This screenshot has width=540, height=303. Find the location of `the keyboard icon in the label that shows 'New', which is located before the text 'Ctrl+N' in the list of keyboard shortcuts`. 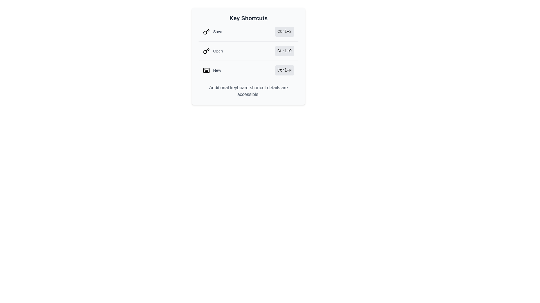

the keyboard icon in the label that shows 'New', which is located before the text 'Ctrl+N' in the list of keyboard shortcuts is located at coordinates (211, 70).